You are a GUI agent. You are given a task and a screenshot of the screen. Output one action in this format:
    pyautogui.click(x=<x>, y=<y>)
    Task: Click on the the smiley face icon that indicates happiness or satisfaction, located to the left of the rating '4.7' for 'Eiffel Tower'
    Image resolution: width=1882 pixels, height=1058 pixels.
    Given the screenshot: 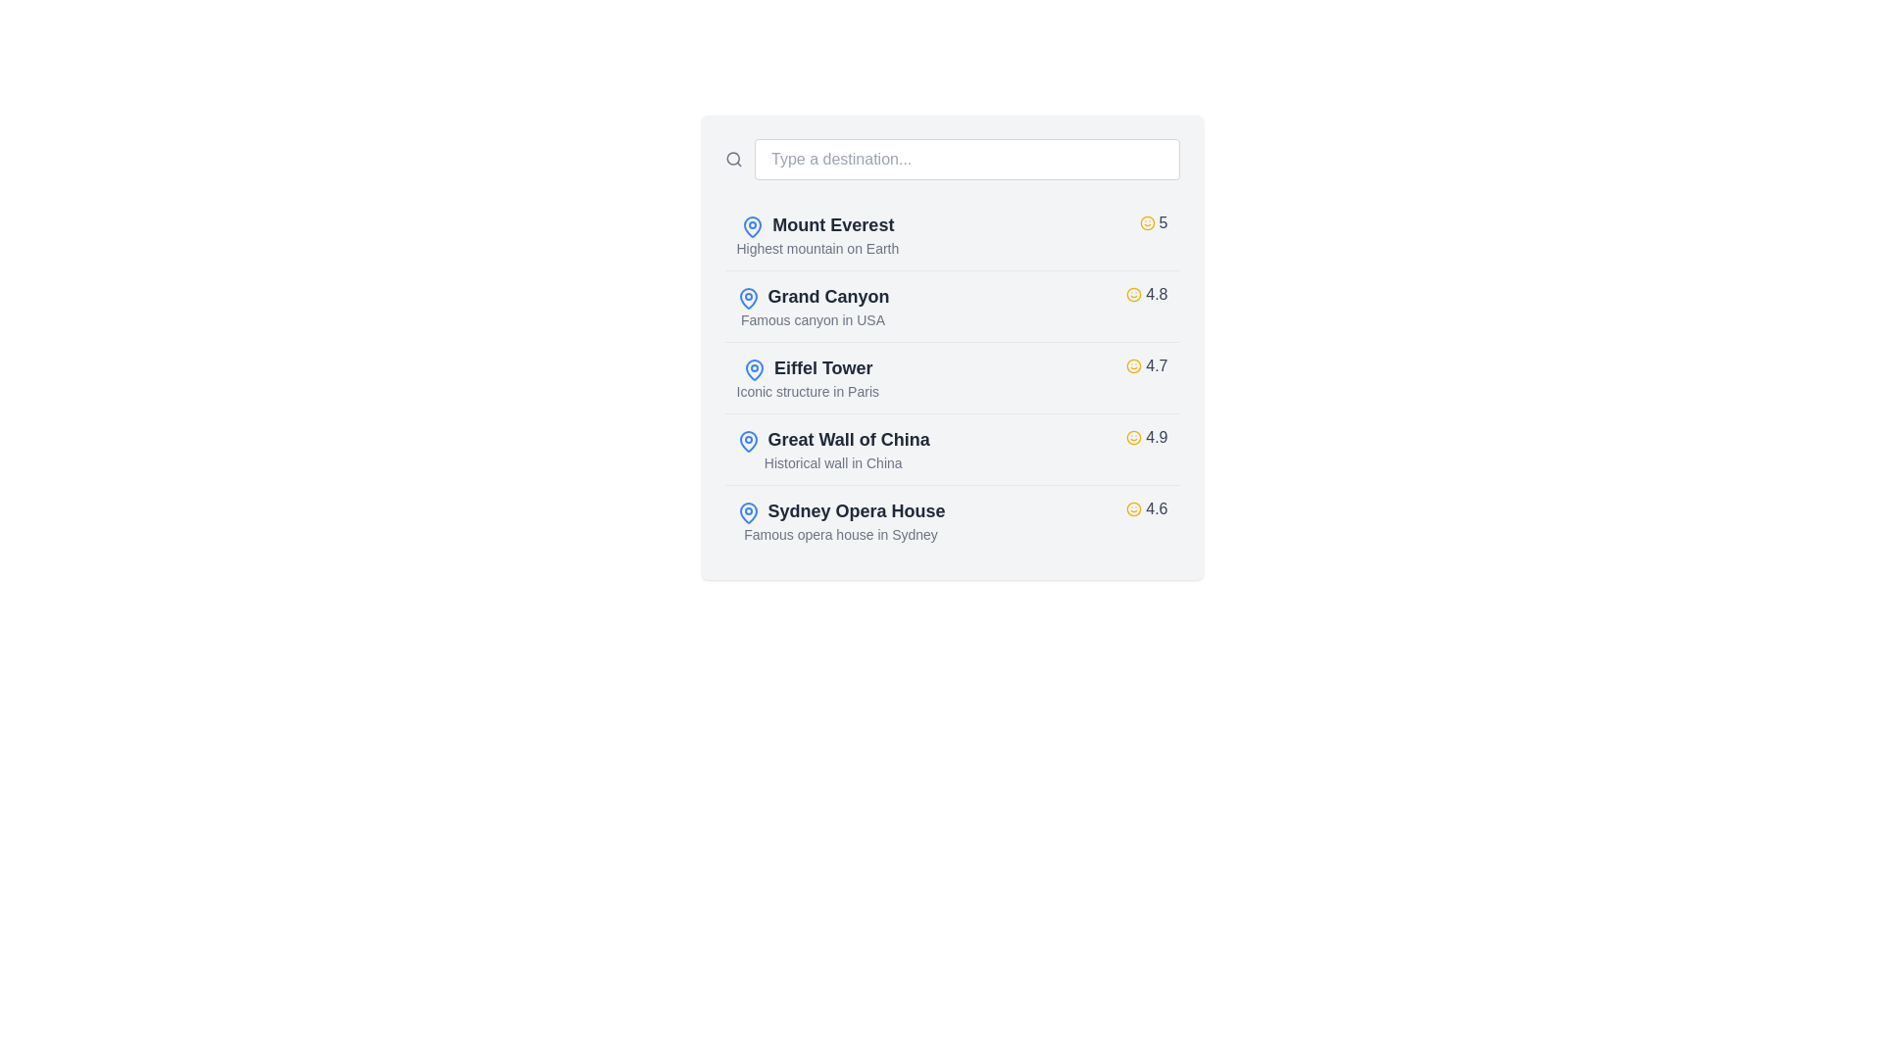 What is the action you would take?
    pyautogui.click(x=1134, y=366)
    